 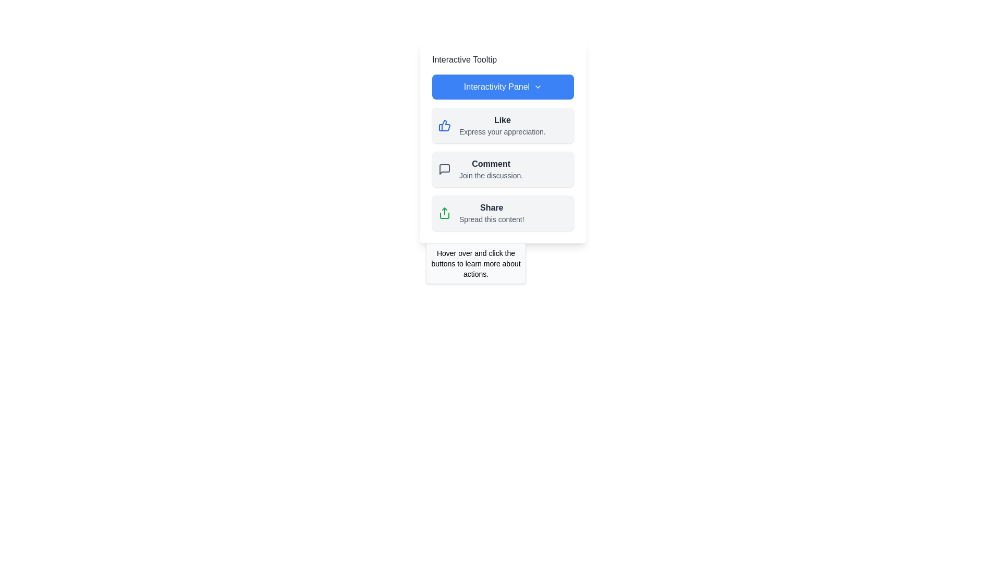 What do you see at coordinates (503, 168) in the screenshot?
I see `the 'Like' option in the Interactive Panel Option Group` at bounding box center [503, 168].